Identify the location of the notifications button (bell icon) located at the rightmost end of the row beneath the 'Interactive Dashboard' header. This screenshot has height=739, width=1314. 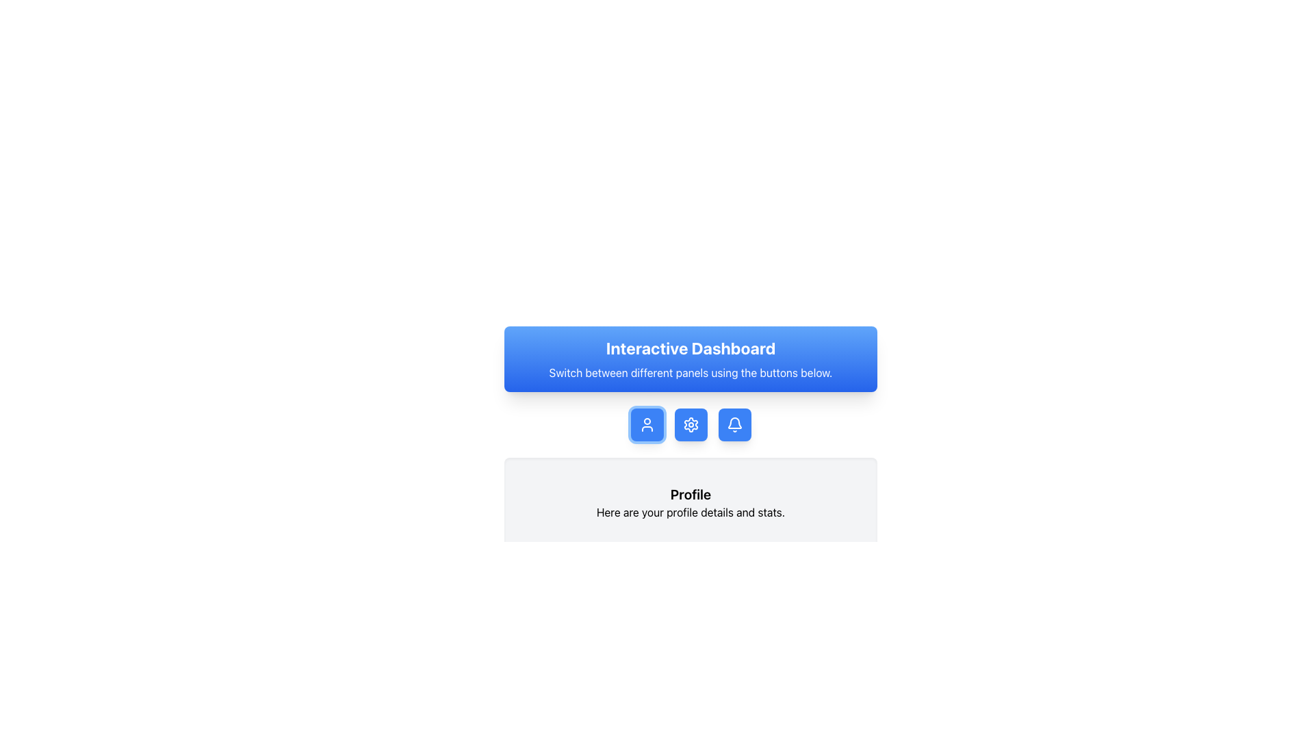
(734, 424).